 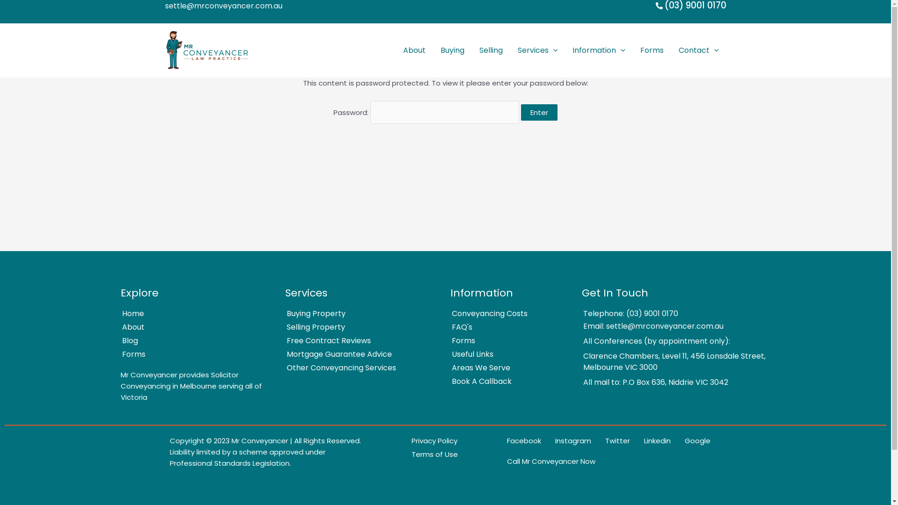 I want to click on 'Information', so click(x=599, y=50).